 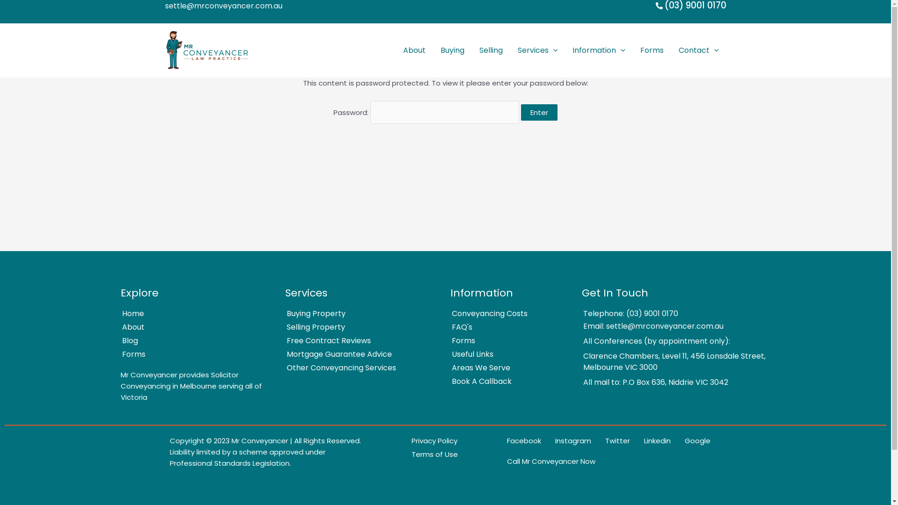 I want to click on 'Information', so click(x=599, y=50).